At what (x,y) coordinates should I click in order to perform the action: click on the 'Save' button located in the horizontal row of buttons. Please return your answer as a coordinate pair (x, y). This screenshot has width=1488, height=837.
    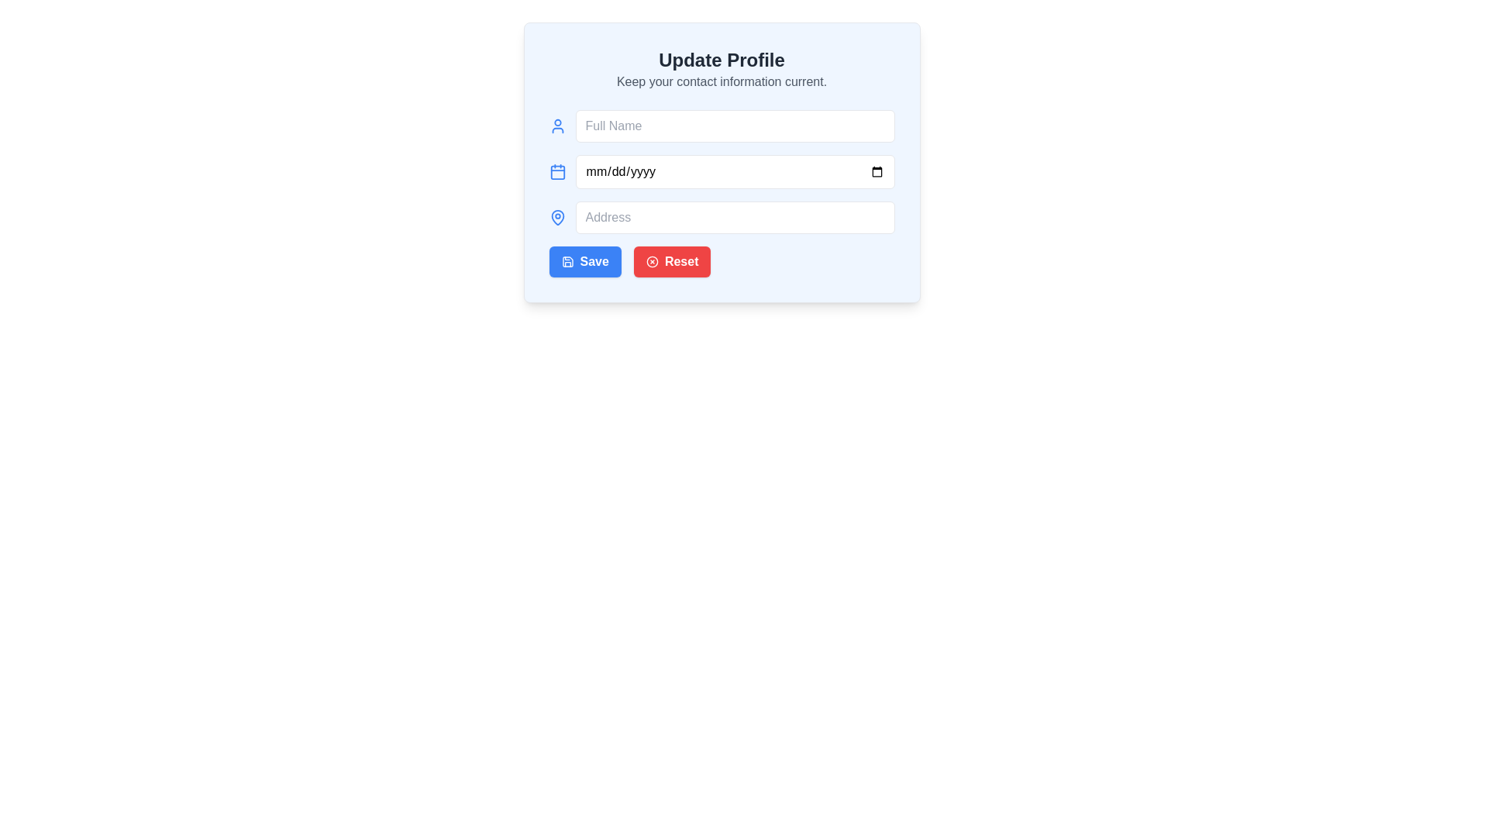
    Looking at the image, I should click on (584, 261).